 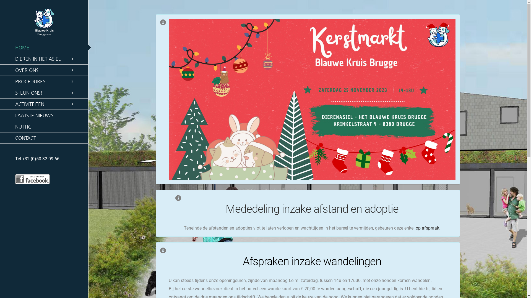 What do you see at coordinates (44, 92) in the screenshot?
I see `'STEUN ONS!'` at bounding box center [44, 92].